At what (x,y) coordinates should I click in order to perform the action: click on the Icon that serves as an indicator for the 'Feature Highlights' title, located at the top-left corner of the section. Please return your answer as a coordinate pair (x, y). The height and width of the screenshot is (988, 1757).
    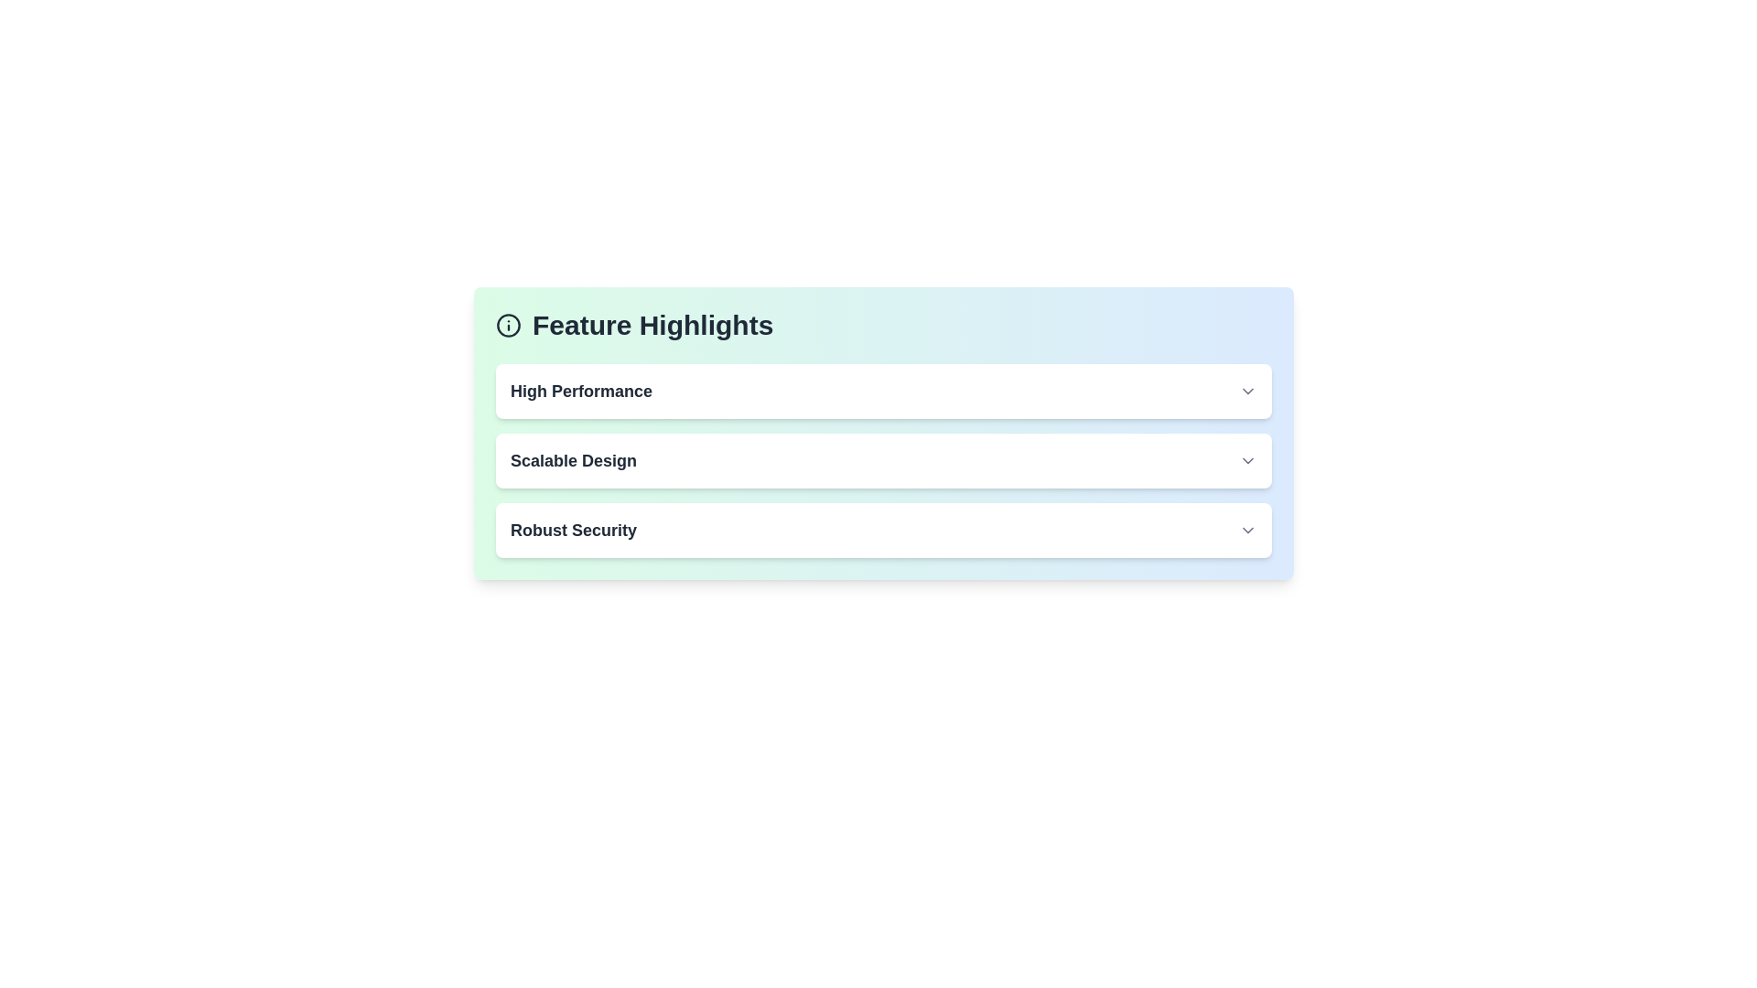
    Looking at the image, I should click on (509, 324).